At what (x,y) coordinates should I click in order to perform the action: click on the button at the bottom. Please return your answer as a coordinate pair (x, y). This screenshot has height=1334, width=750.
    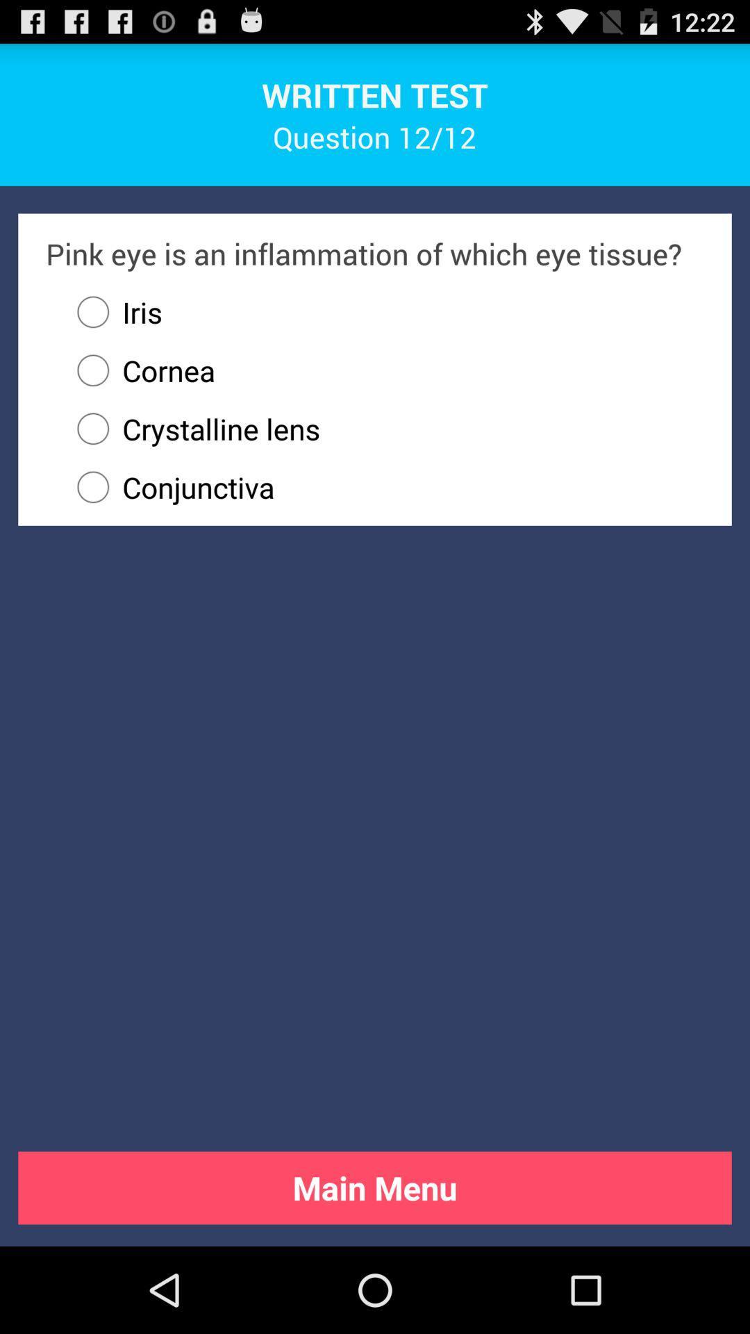
    Looking at the image, I should click on (375, 1187).